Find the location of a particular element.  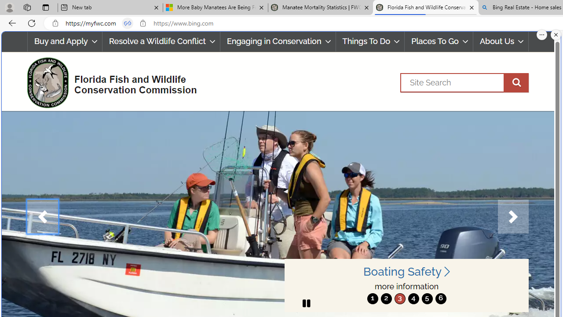

'Things To Do' is located at coordinates (370, 41).